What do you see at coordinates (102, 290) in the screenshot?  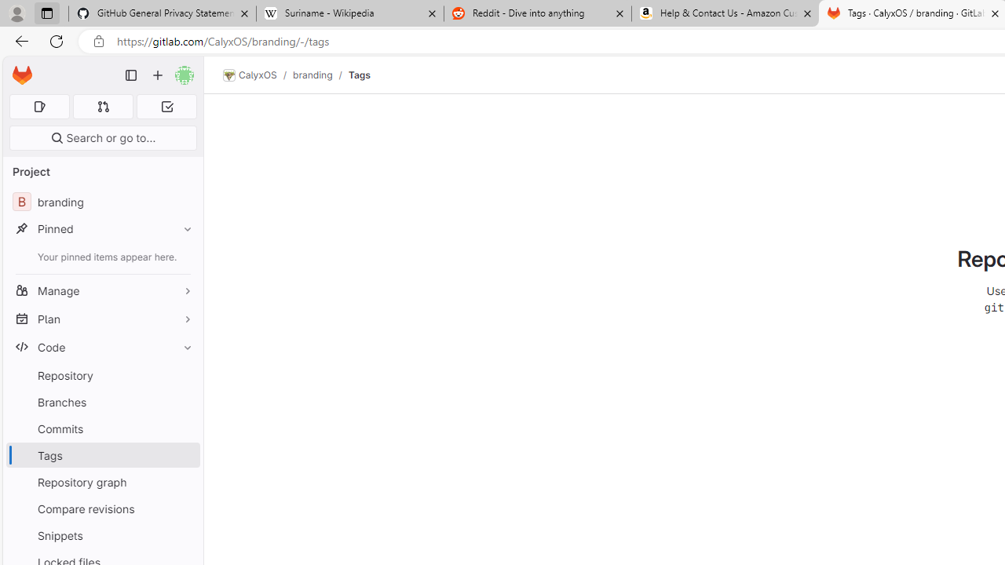 I see `'Manage'` at bounding box center [102, 290].